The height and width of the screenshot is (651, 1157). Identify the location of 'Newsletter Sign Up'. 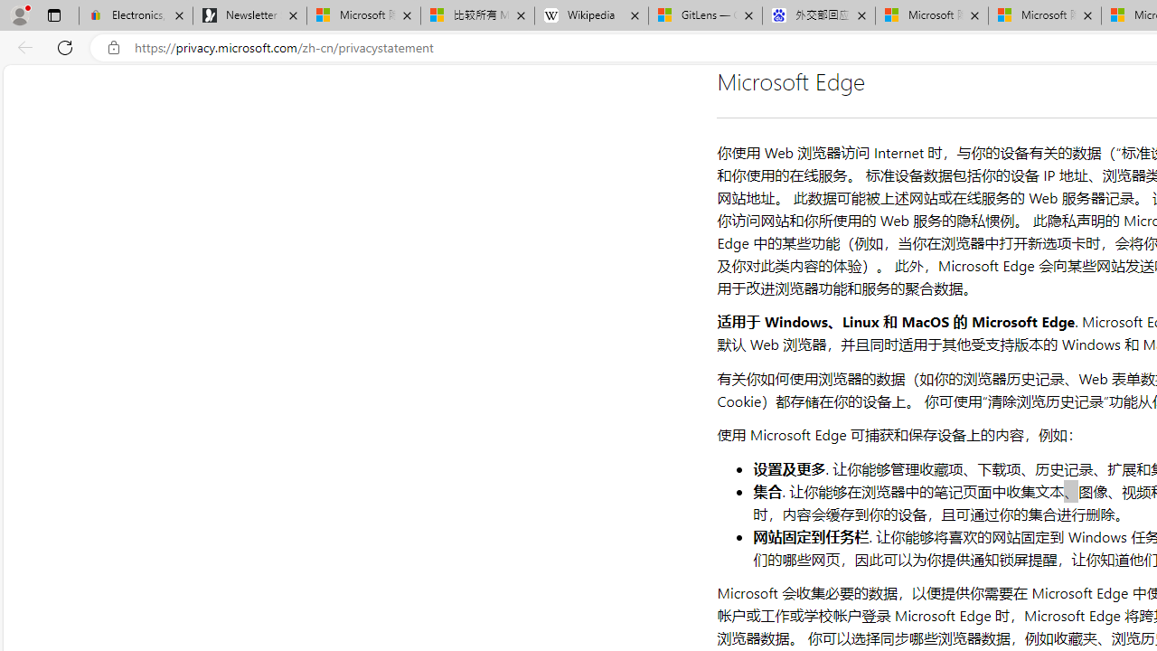
(249, 15).